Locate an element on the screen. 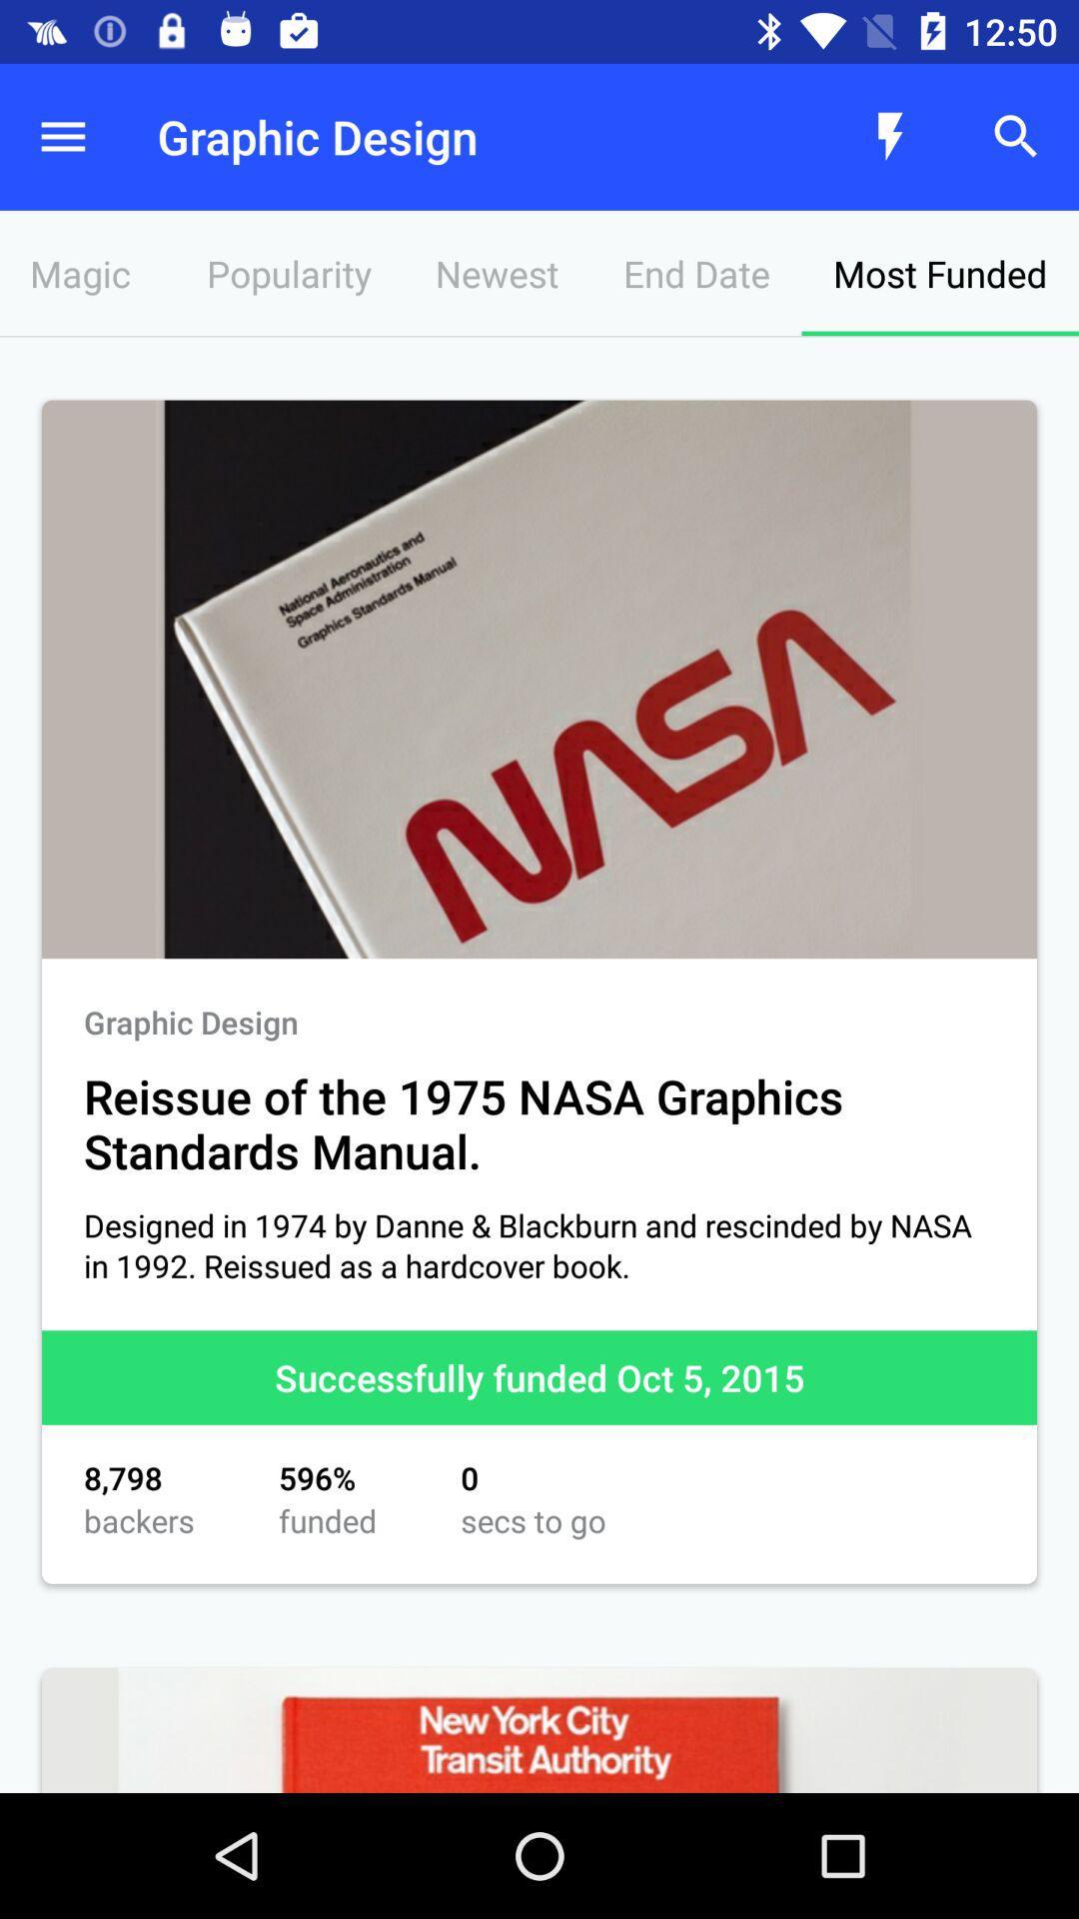 This screenshot has width=1079, height=1919. the text right to menu is located at coordinates (455, 136).